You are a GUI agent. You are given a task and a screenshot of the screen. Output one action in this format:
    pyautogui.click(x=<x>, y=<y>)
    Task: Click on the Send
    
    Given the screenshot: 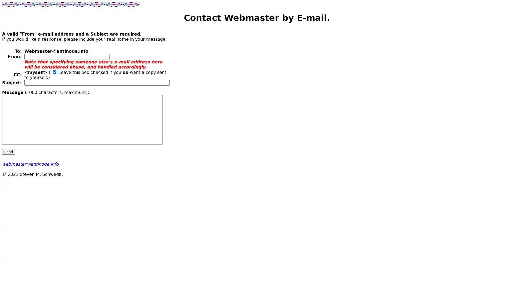 What is the action you would take?
    pyautogui.click(x=9, y=151)
    